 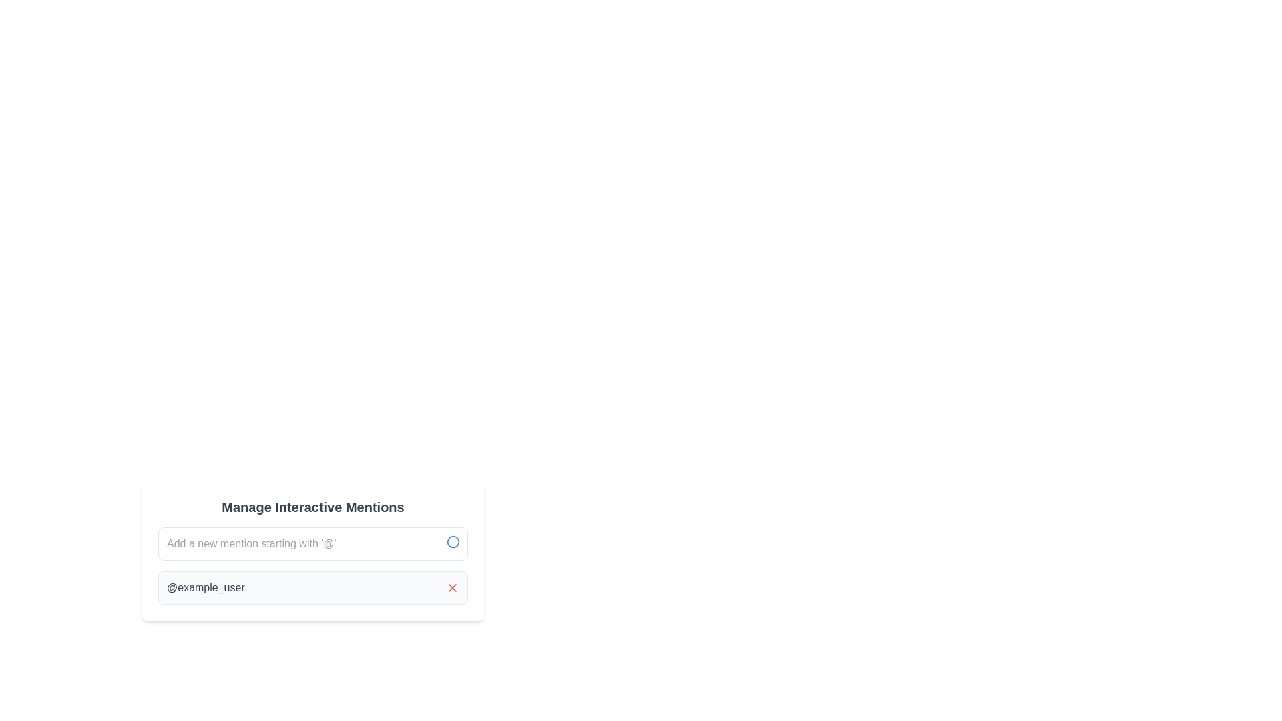 What do you see at coordinates (452, 587) in the screenshot?
I see `the dismiss button represented by the cross icon at the rightmost end of the user mention '@example_user'` at bounding box center [452, 587].